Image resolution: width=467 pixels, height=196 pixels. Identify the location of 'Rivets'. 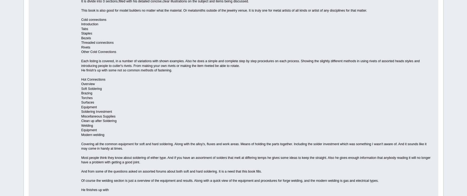
(81, 47).